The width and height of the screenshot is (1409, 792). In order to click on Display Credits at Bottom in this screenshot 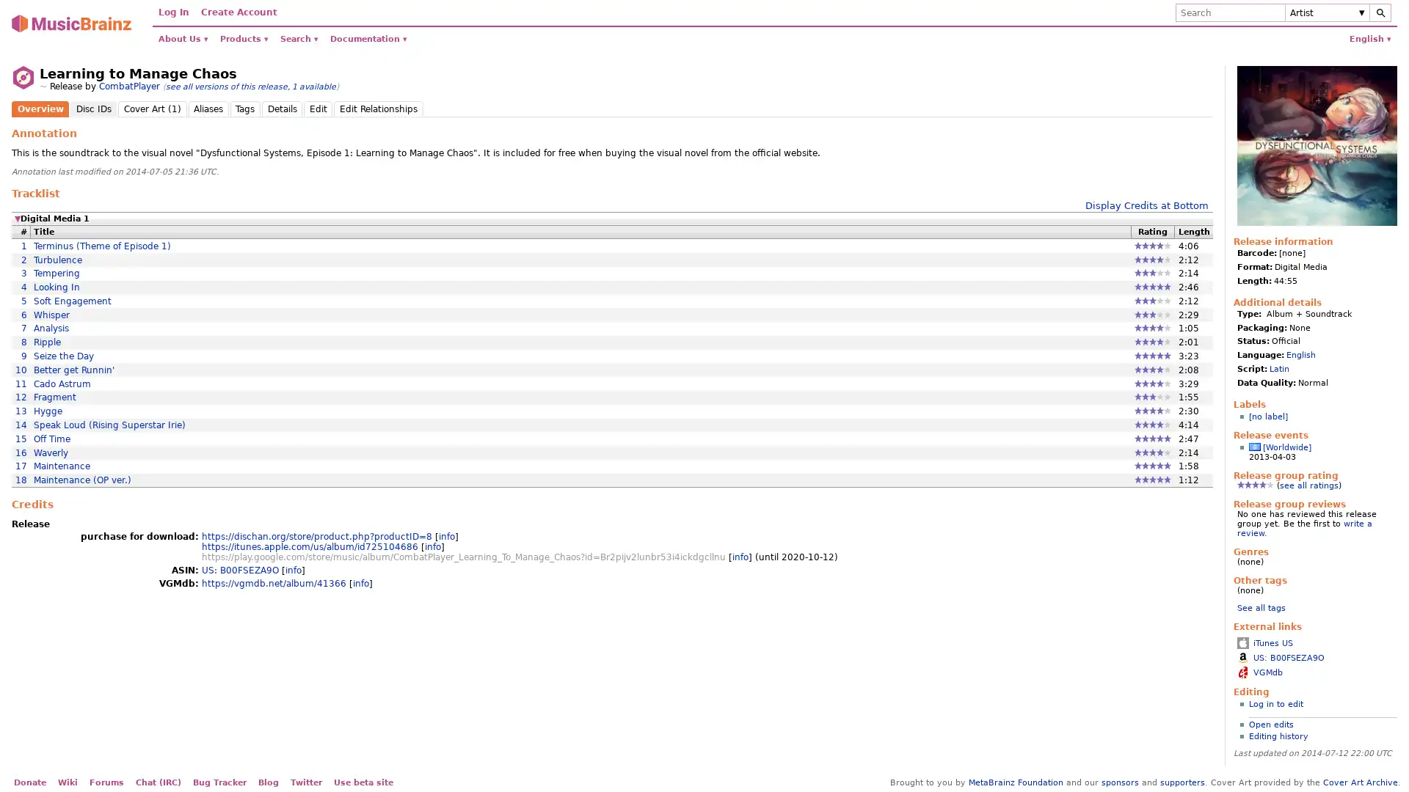, I will do `click(1146, 205)`.